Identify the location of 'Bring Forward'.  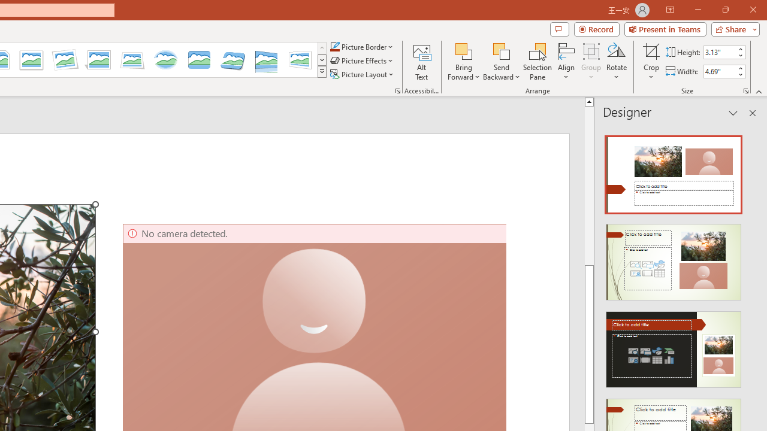
(463, 50).